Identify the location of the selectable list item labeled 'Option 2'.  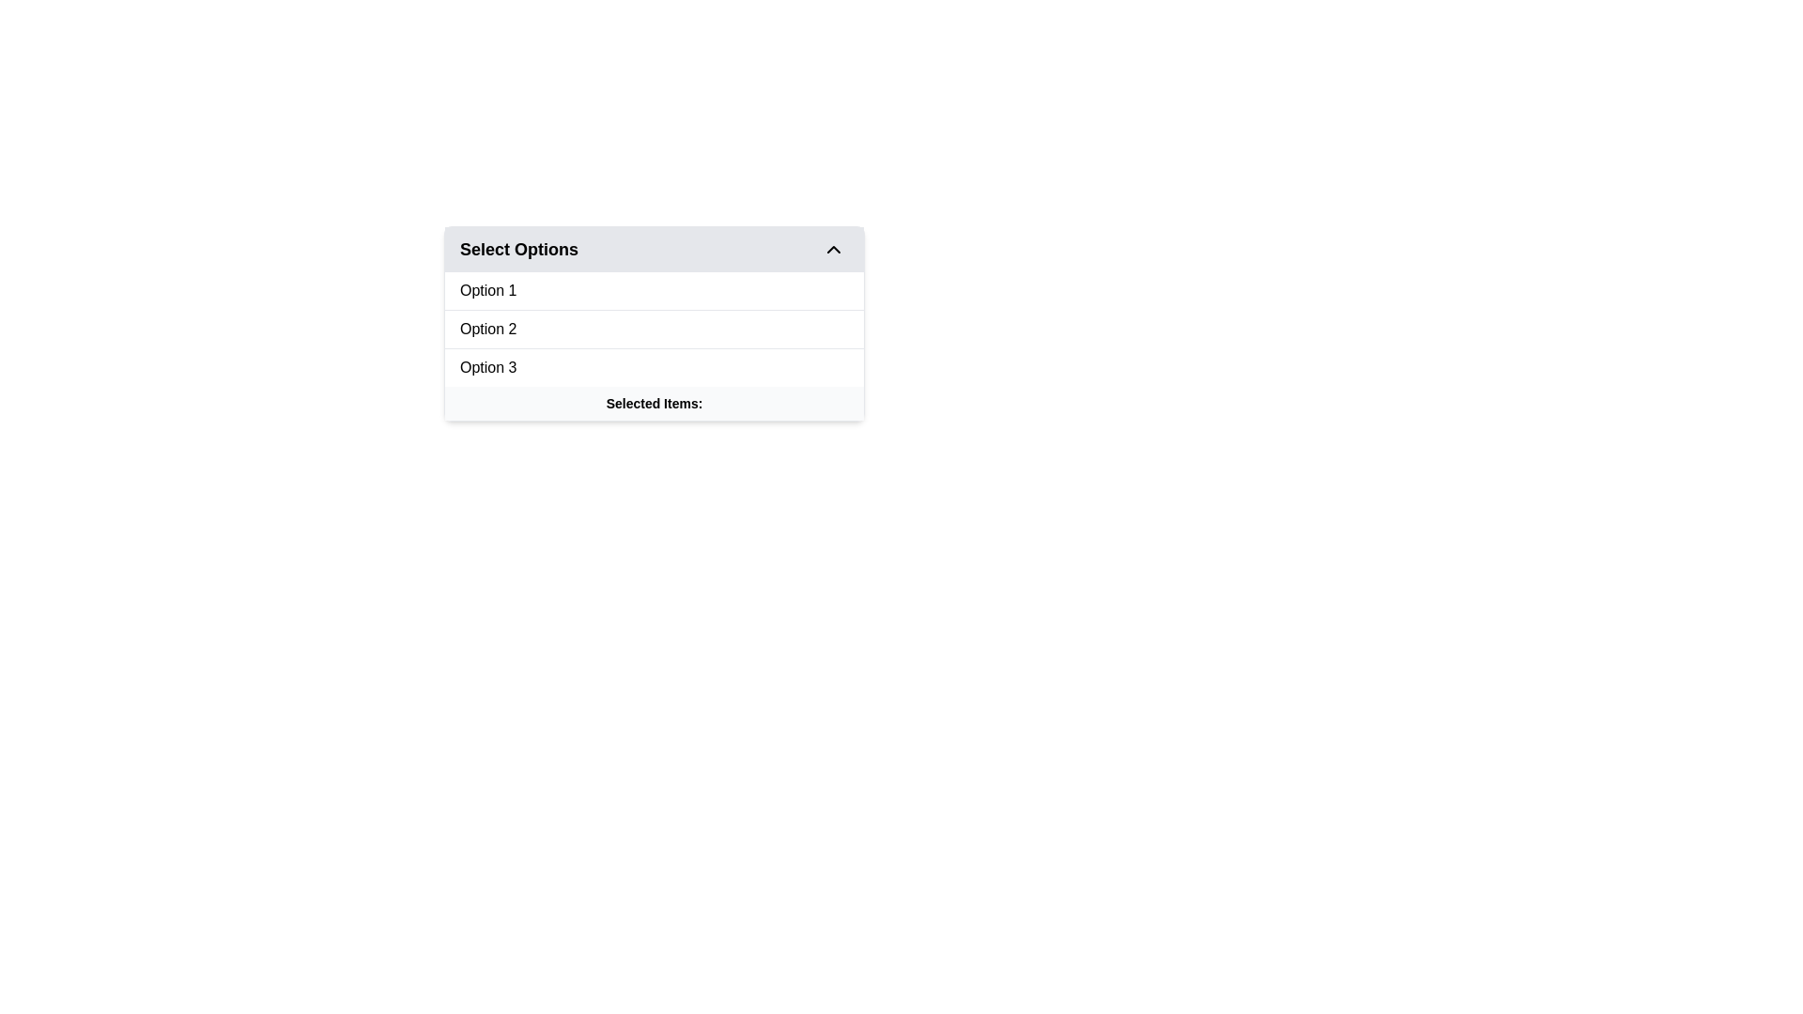
(654, 328).